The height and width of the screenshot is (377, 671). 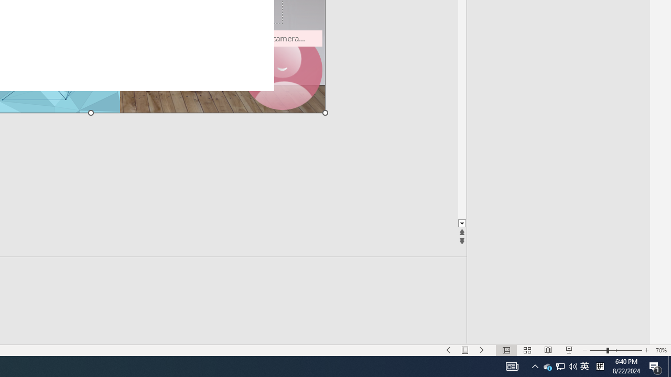 What do you see at coordinates (448, 350) in the screenshot?
I see `'Slide Show Previous On'` at bounding box center [448, 350].